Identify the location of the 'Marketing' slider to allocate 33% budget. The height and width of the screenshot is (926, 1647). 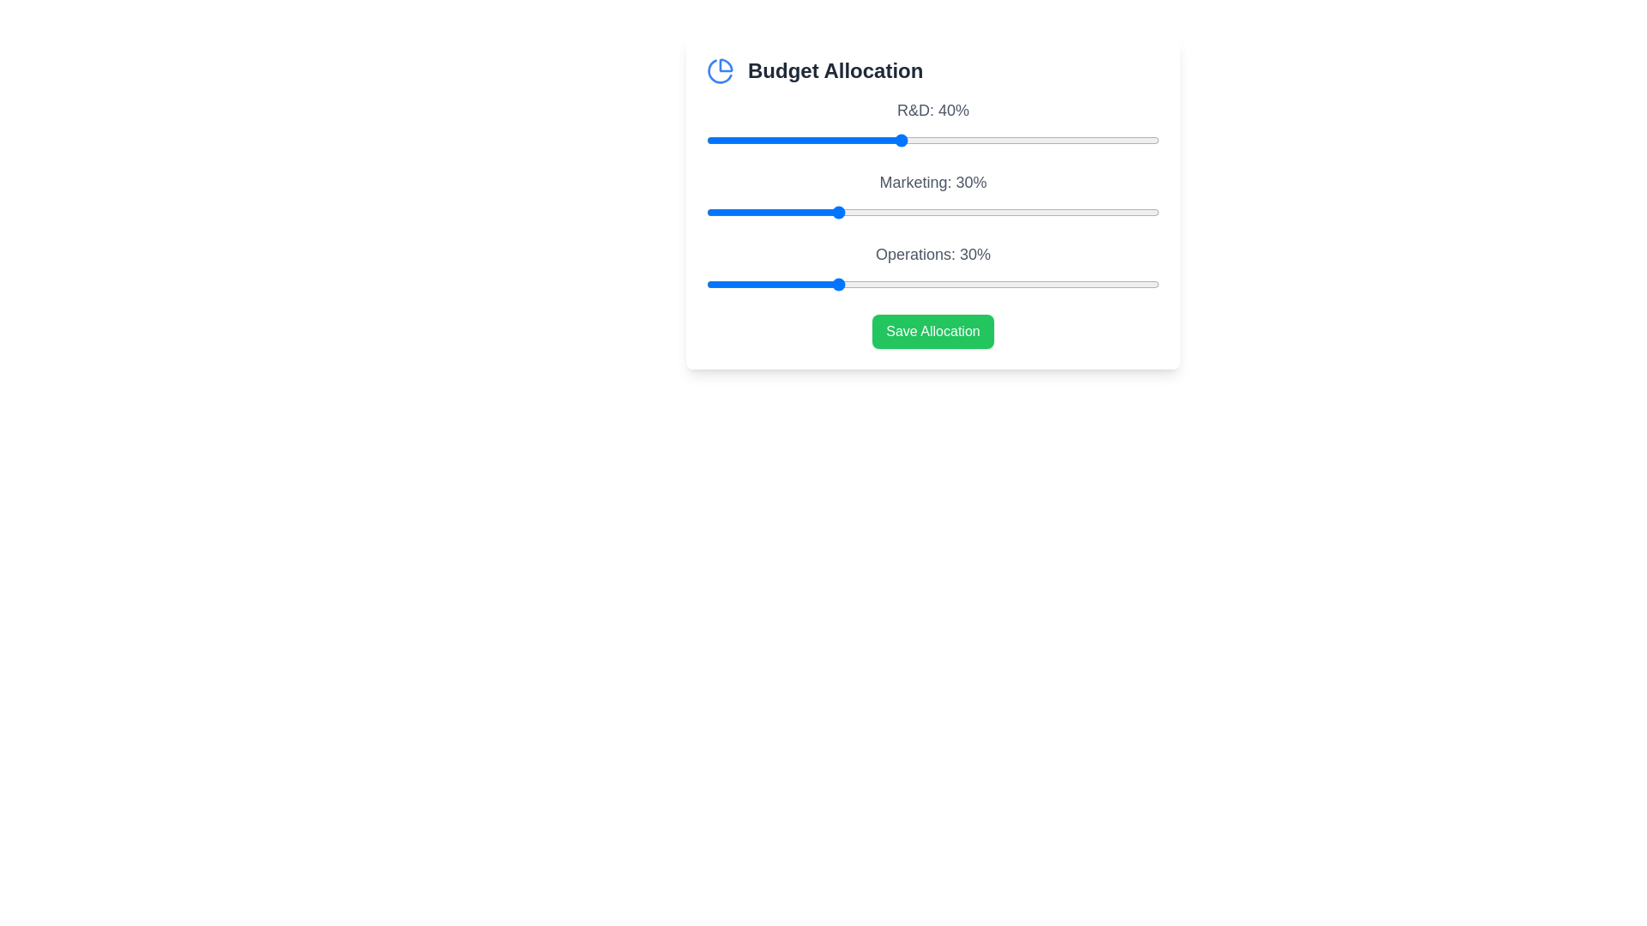
(855, 211).